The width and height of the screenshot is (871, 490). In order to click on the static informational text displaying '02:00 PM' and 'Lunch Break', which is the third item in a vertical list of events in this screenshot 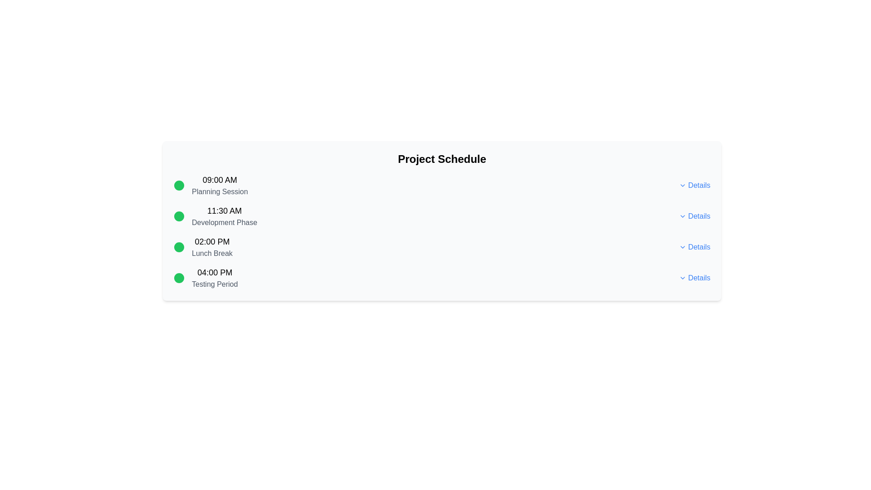, I will do `click(211, 247)`.